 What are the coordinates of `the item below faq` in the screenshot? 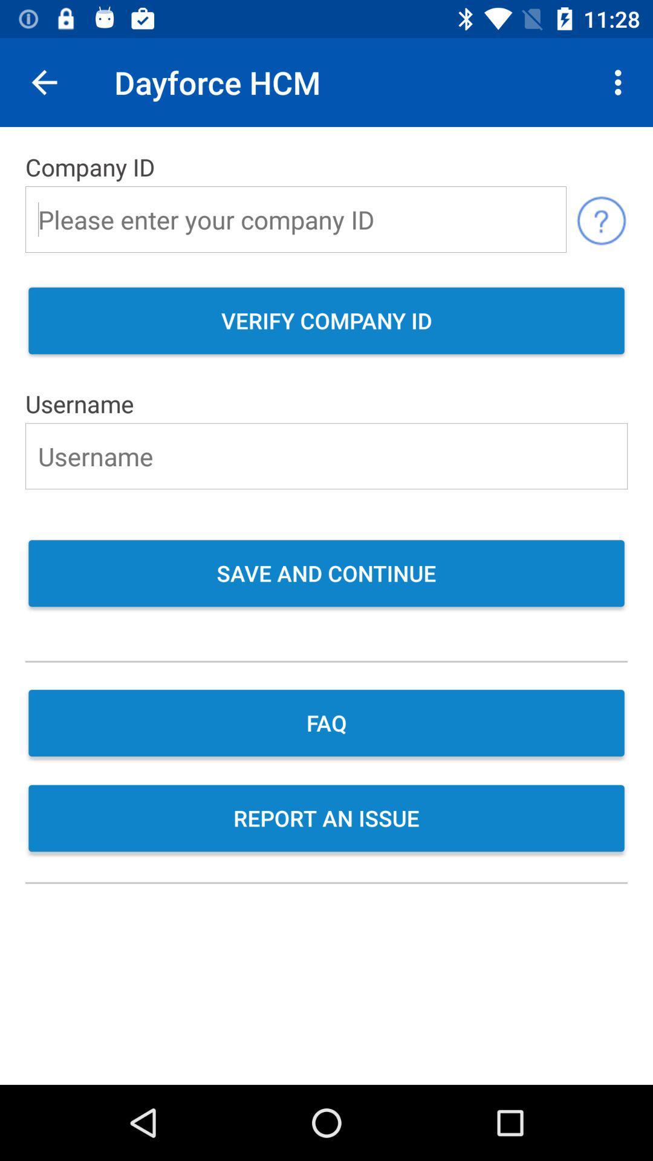 It's located at (326, 819).